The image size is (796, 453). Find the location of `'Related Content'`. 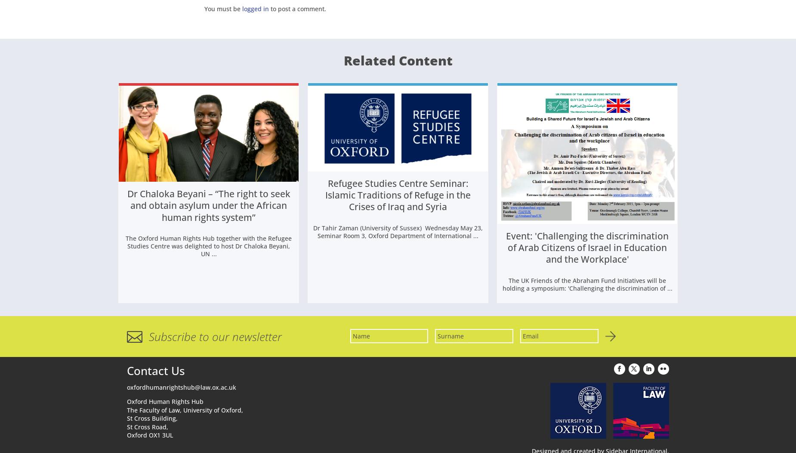

'Related Content' is located at coordinates (398, 61).